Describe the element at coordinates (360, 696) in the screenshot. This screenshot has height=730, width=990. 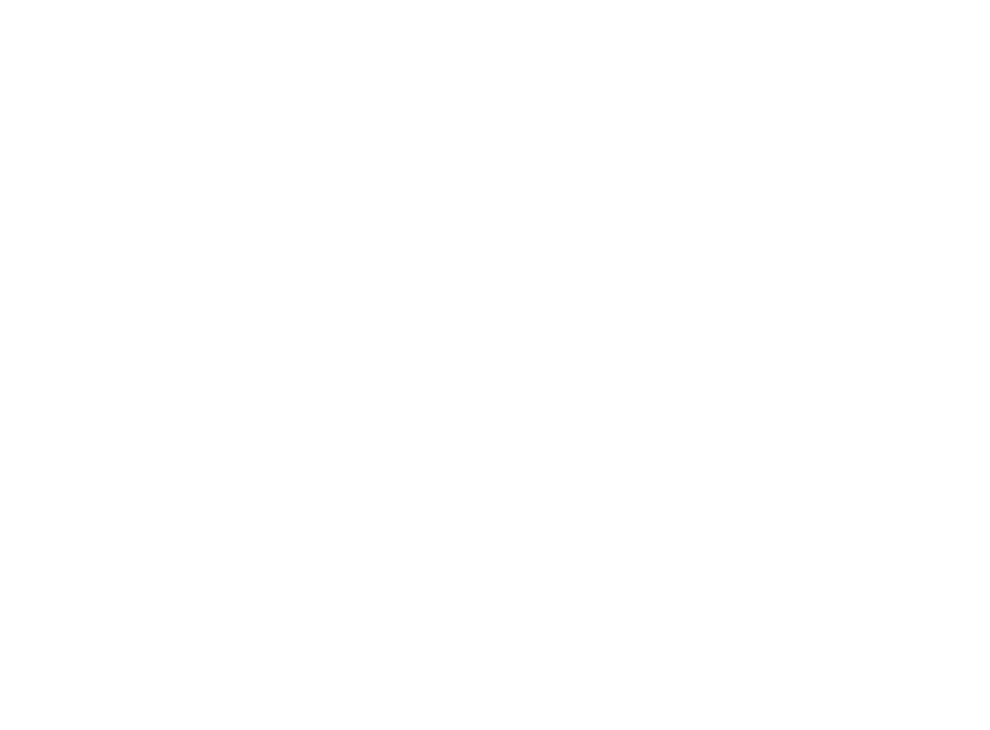
I see `'© Copyright 2023 Duke University. All rights reserved.'` at that location.